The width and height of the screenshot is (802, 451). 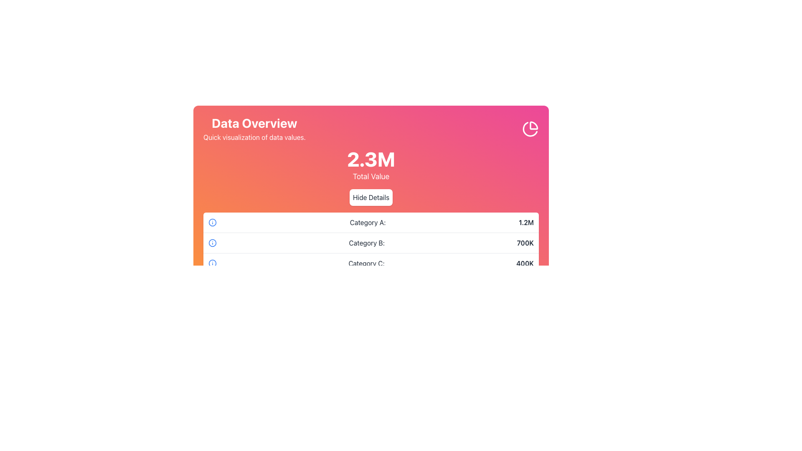 What do you see at coordinates (212, 264) in the screenshot?
I see `the circular icon with a blue outline and an 'i' symbol located in the row for 'Category C: 400K'` at bounding box center [212, 264].